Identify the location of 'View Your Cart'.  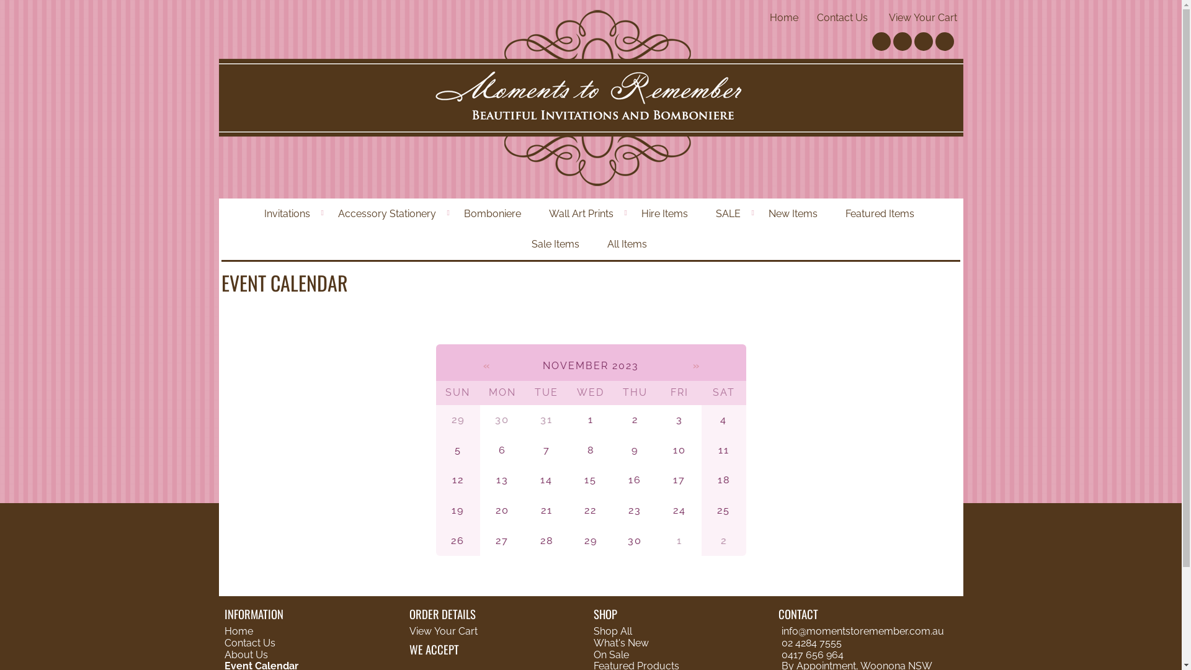
(923, 17).